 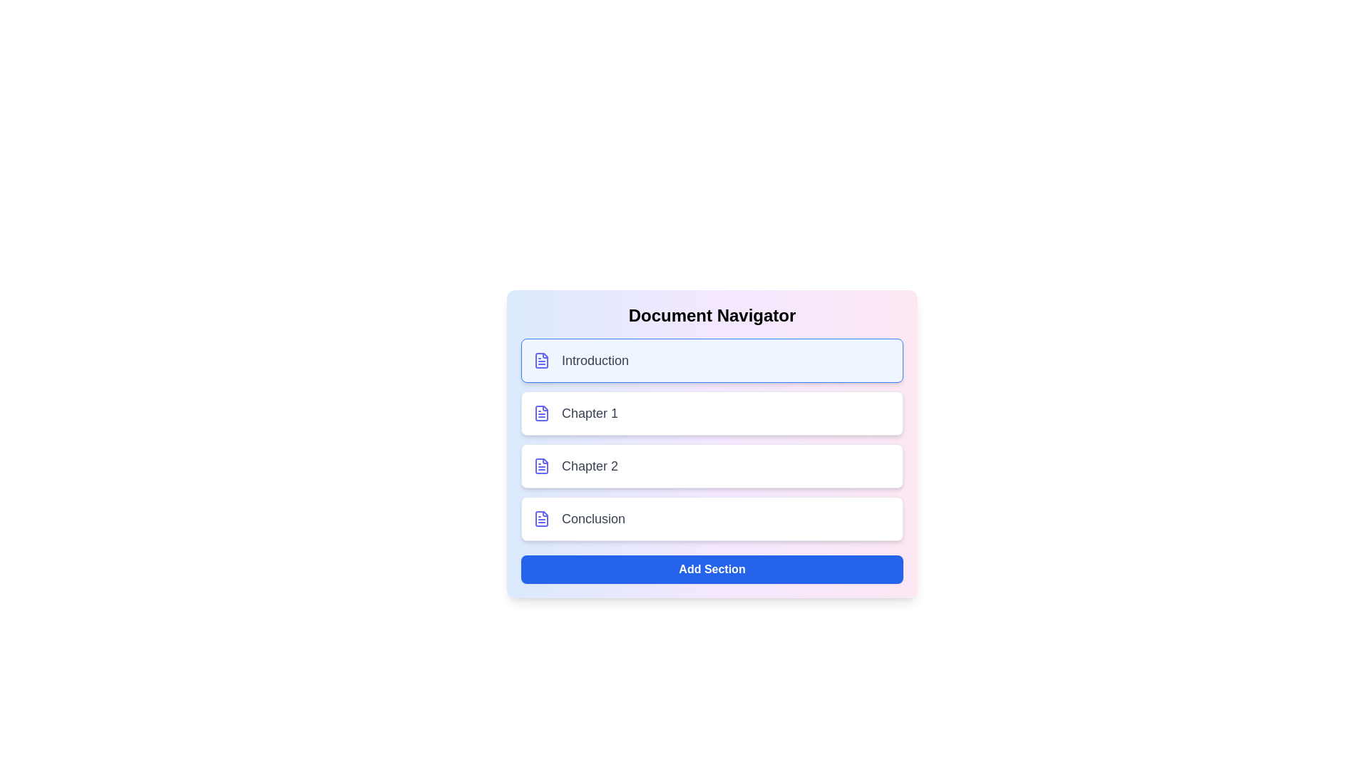 What do you see at coordinates (712, 568) in the screenshot?
I see `'Add Section' button` at bounding box center [712, 568].